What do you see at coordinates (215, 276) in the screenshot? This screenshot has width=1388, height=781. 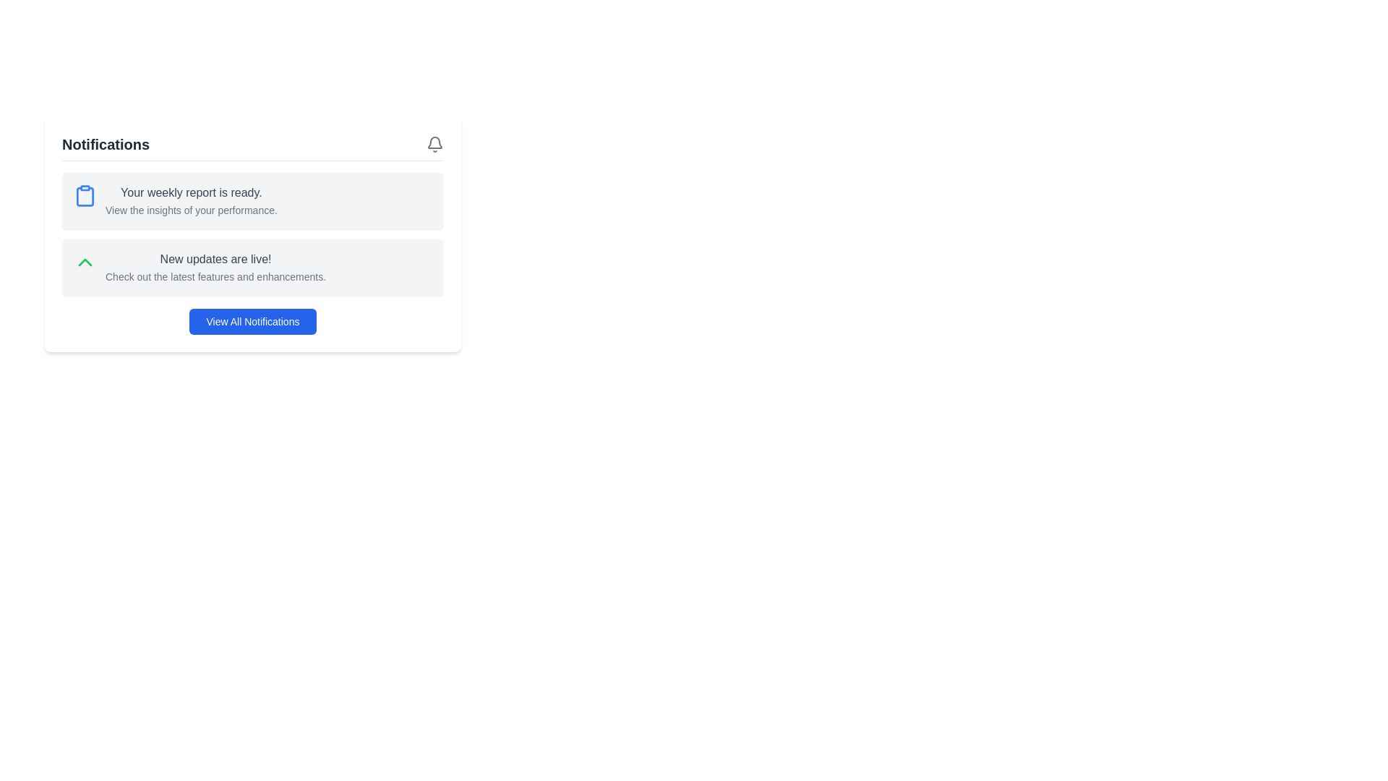 I see `the text displaying the message 'Check out the latest features and enhancements.' which is located under the line 'New updates are live!' in the notification card` at bounding box center [215, 276].